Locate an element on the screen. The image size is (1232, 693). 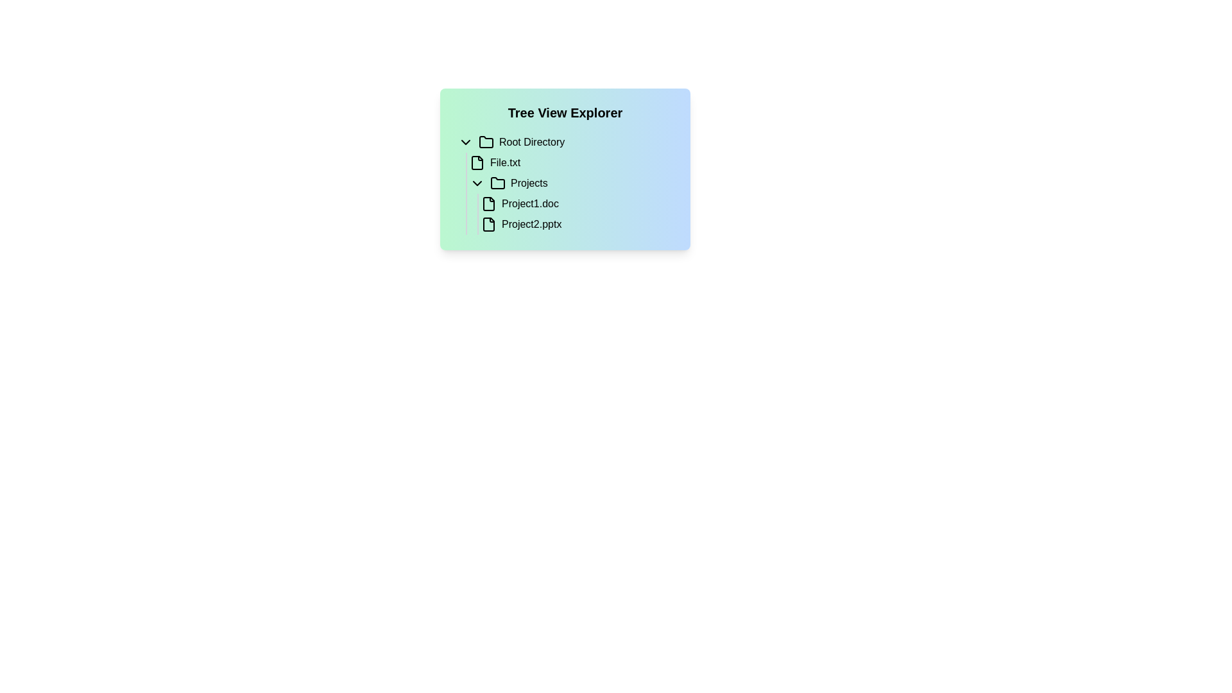
the folder icon representing the 'Root Directory' is located at coordinates (486, 142).